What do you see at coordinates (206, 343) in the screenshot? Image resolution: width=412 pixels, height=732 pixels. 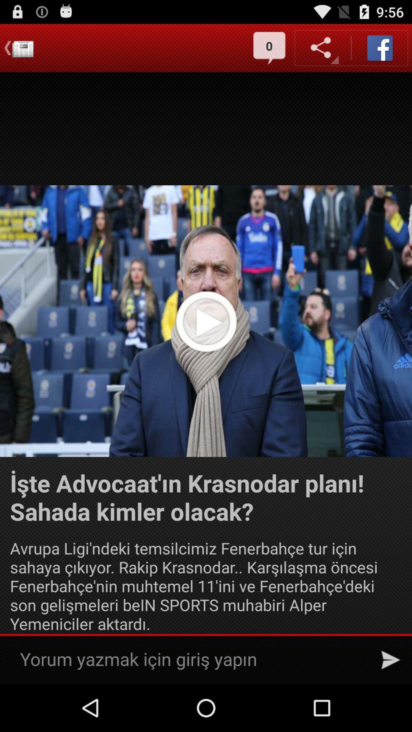 I see `the play icon` at bounding box center [206, 343].